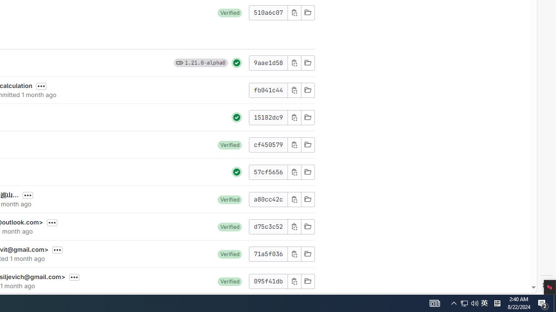  I want to click on 'Class: s16', so click(308, 281).